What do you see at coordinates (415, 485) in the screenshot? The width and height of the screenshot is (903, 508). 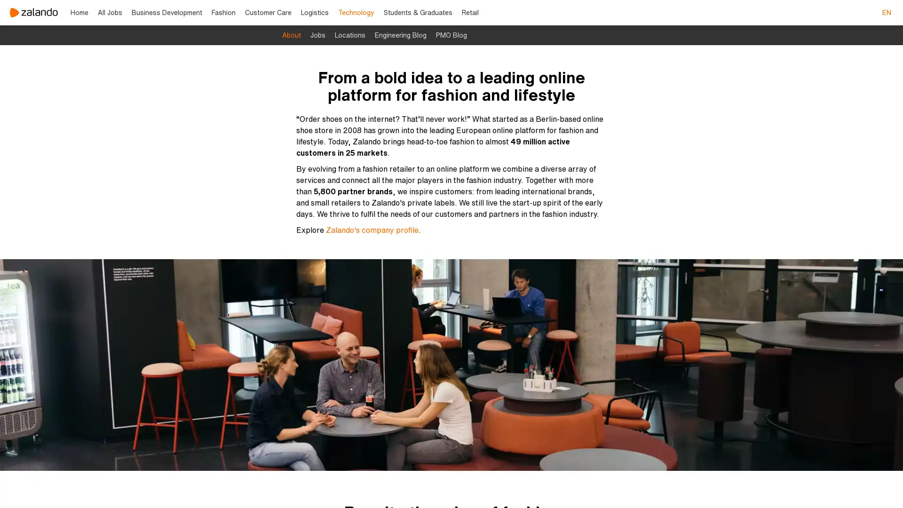 I see `Set preferences` at bounding box center [415, 485].